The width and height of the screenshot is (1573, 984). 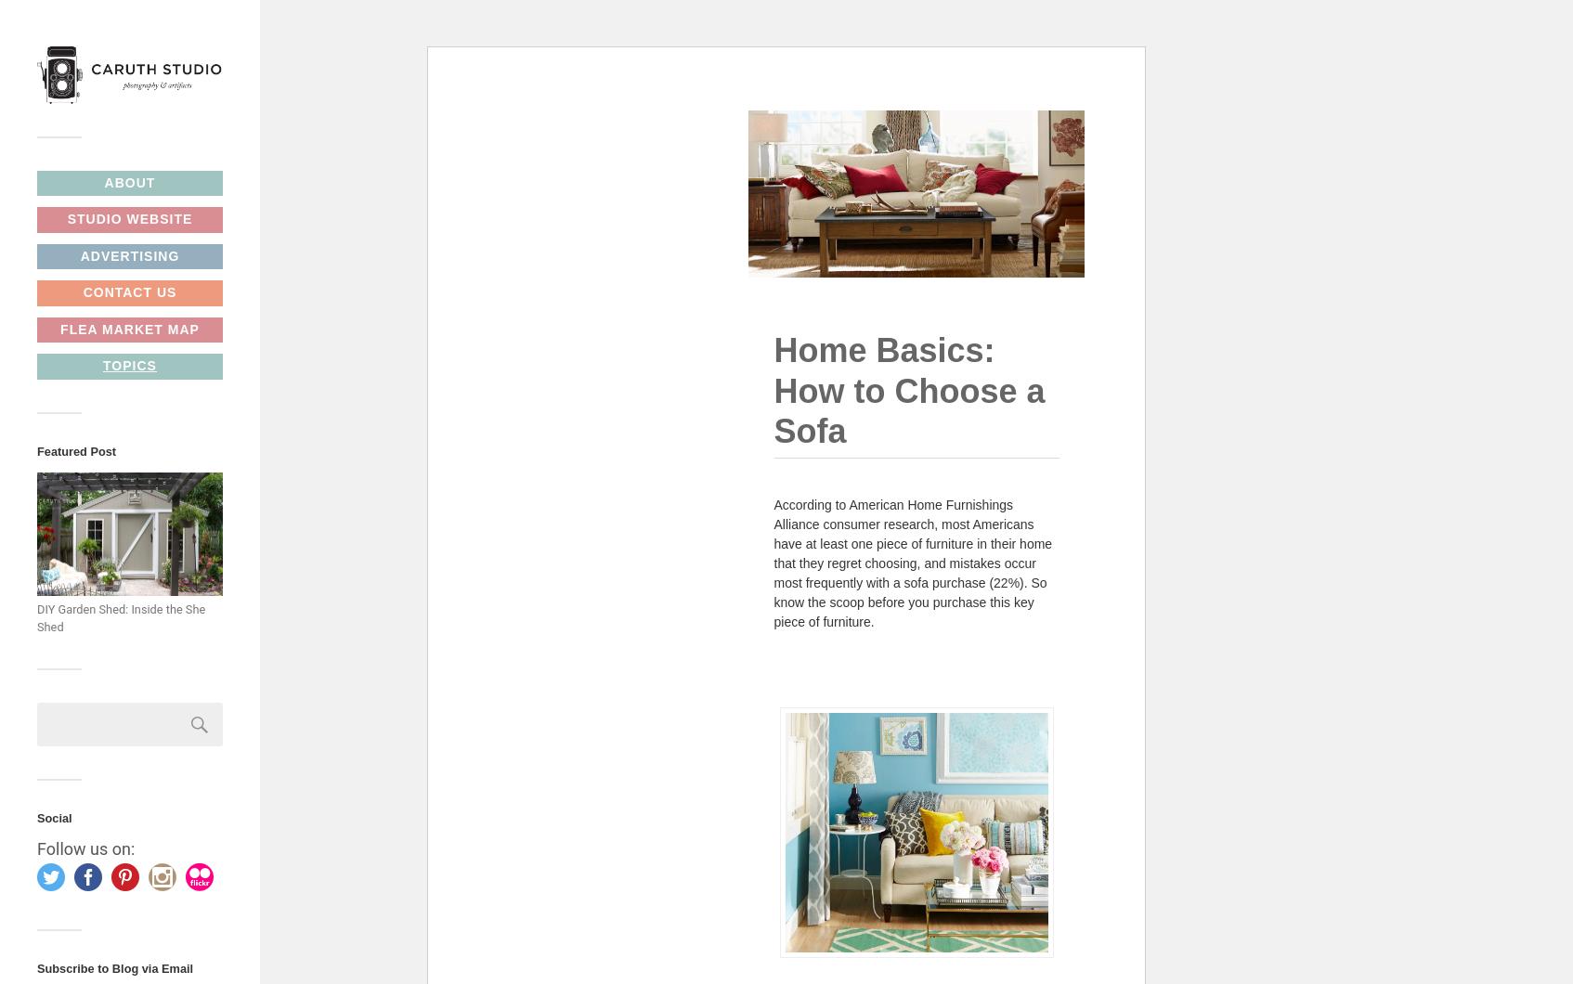 I want to click on 'Home Basics: How to Choose a Sofa', so click(x=907, y=389).